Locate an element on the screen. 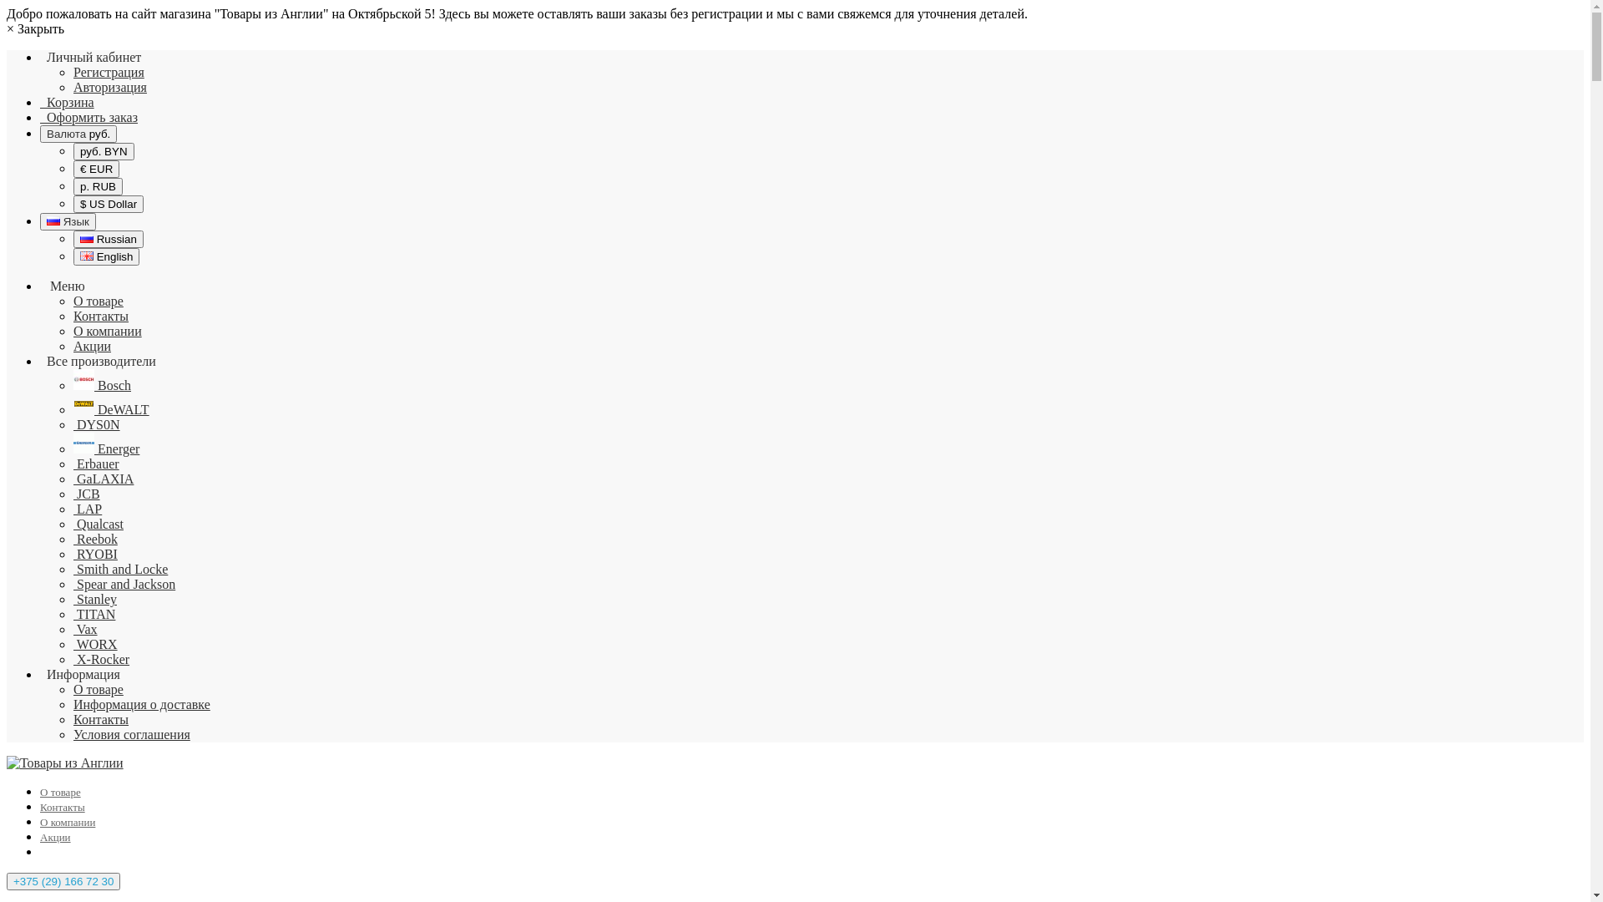 Image resolution: width=1603 pixels, height=902 pixels. 'Smith and Locke' is located at coordinates (119, 568).